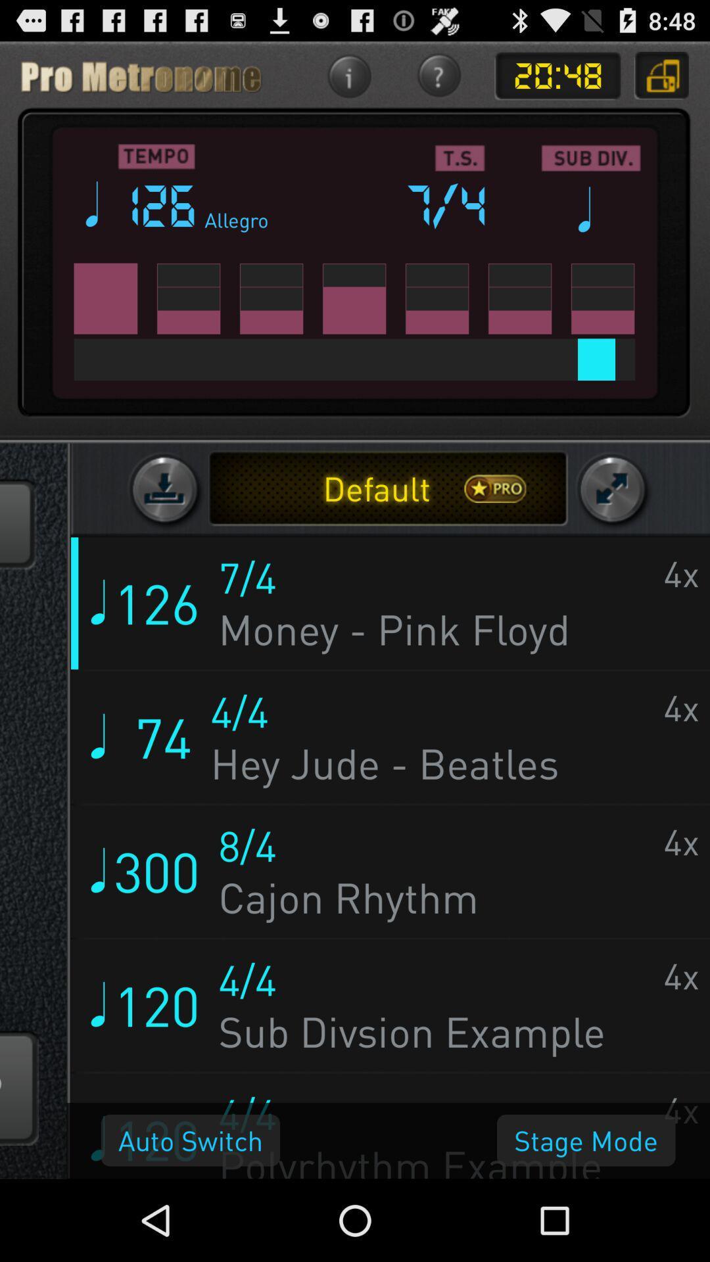 The width and height of the screenshot is (710, 1262). Describe the element at coordinates (438, 81) in the screenshot. I see `the help icon` at that location.